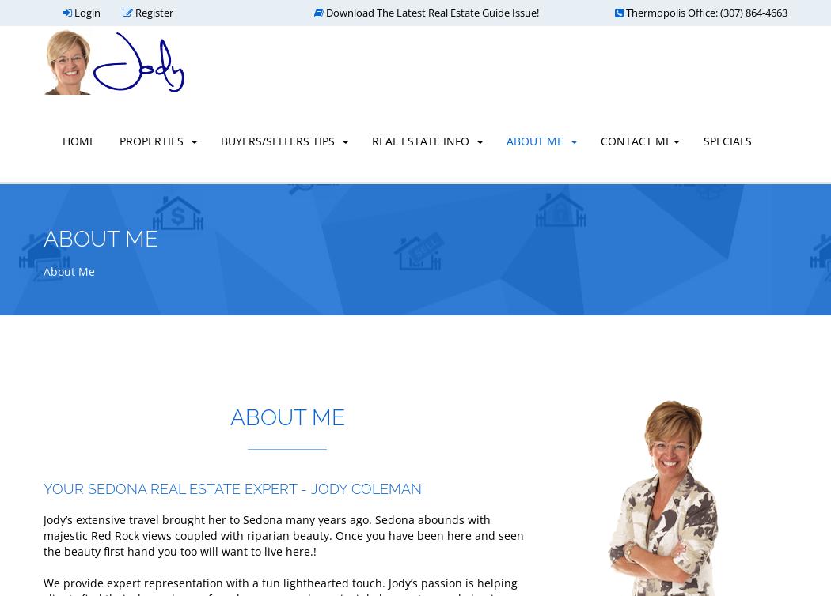  Describe the element at coordinates (277, 141) in the screenshot. I see `'Buyers/Sellers Tips'` at that location.